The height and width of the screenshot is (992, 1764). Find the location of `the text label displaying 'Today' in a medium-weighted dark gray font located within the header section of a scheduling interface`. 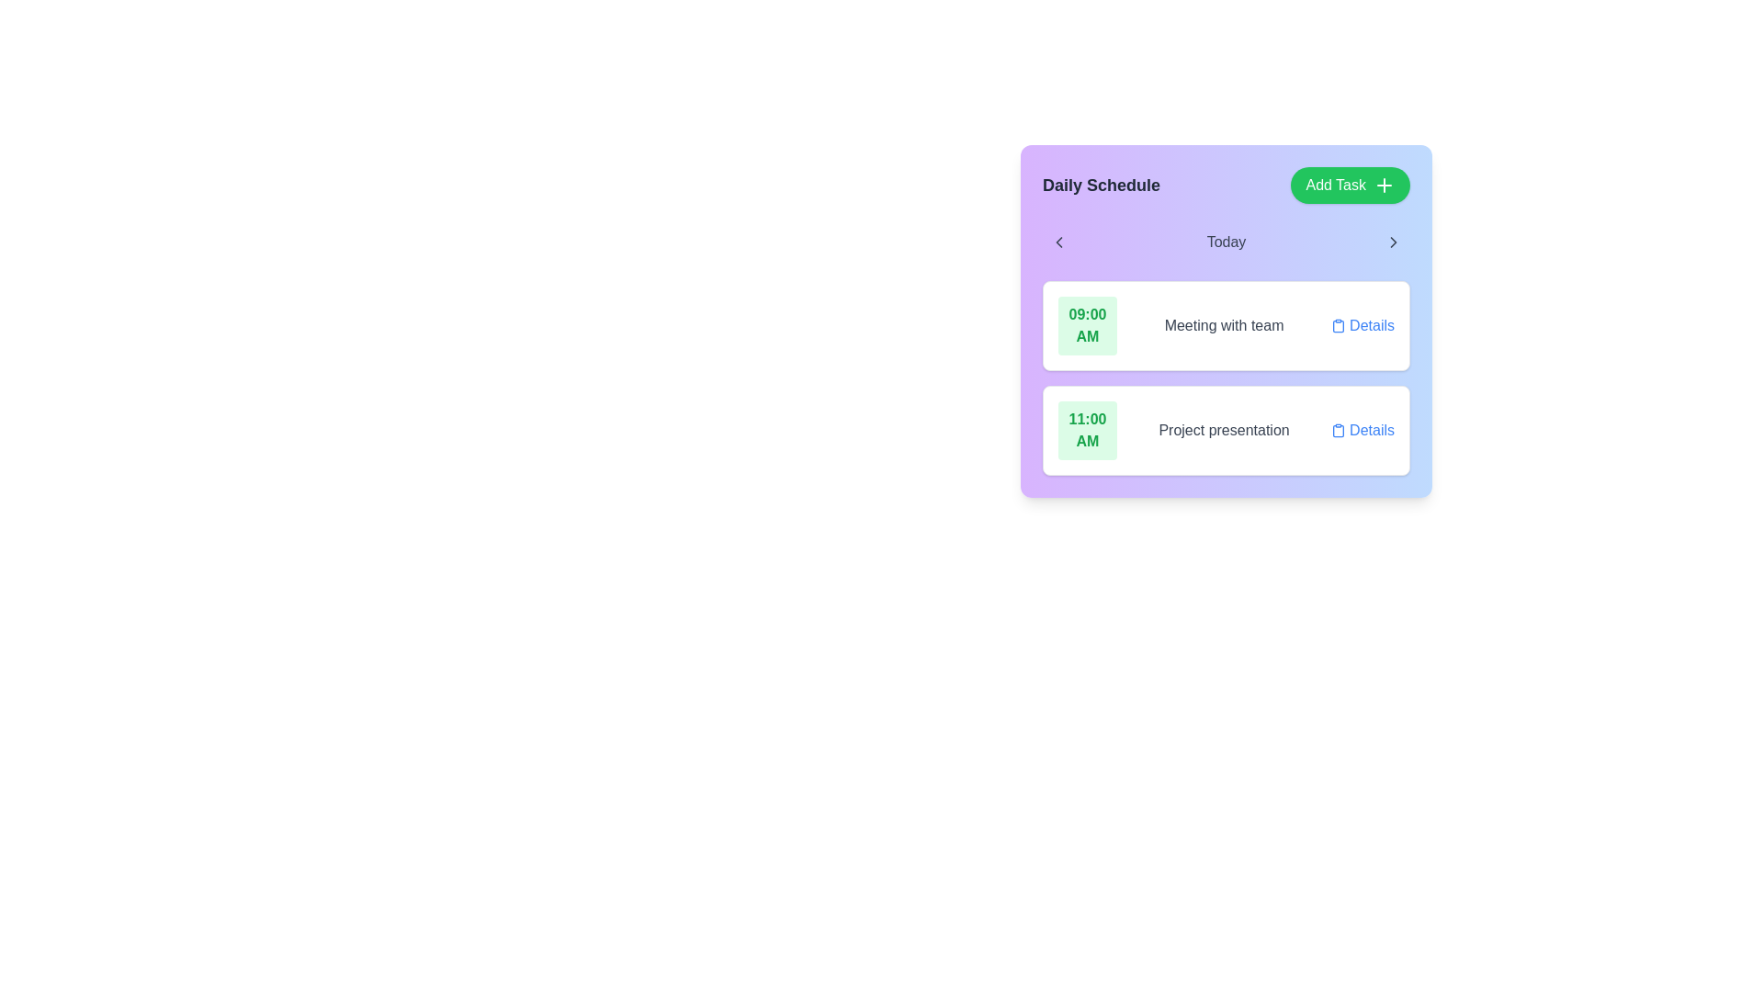

the text label displaying 'Today' in a medium-weighted dark gray font located within the header section of a scheduling interface is located at coordinates (1226, 241).